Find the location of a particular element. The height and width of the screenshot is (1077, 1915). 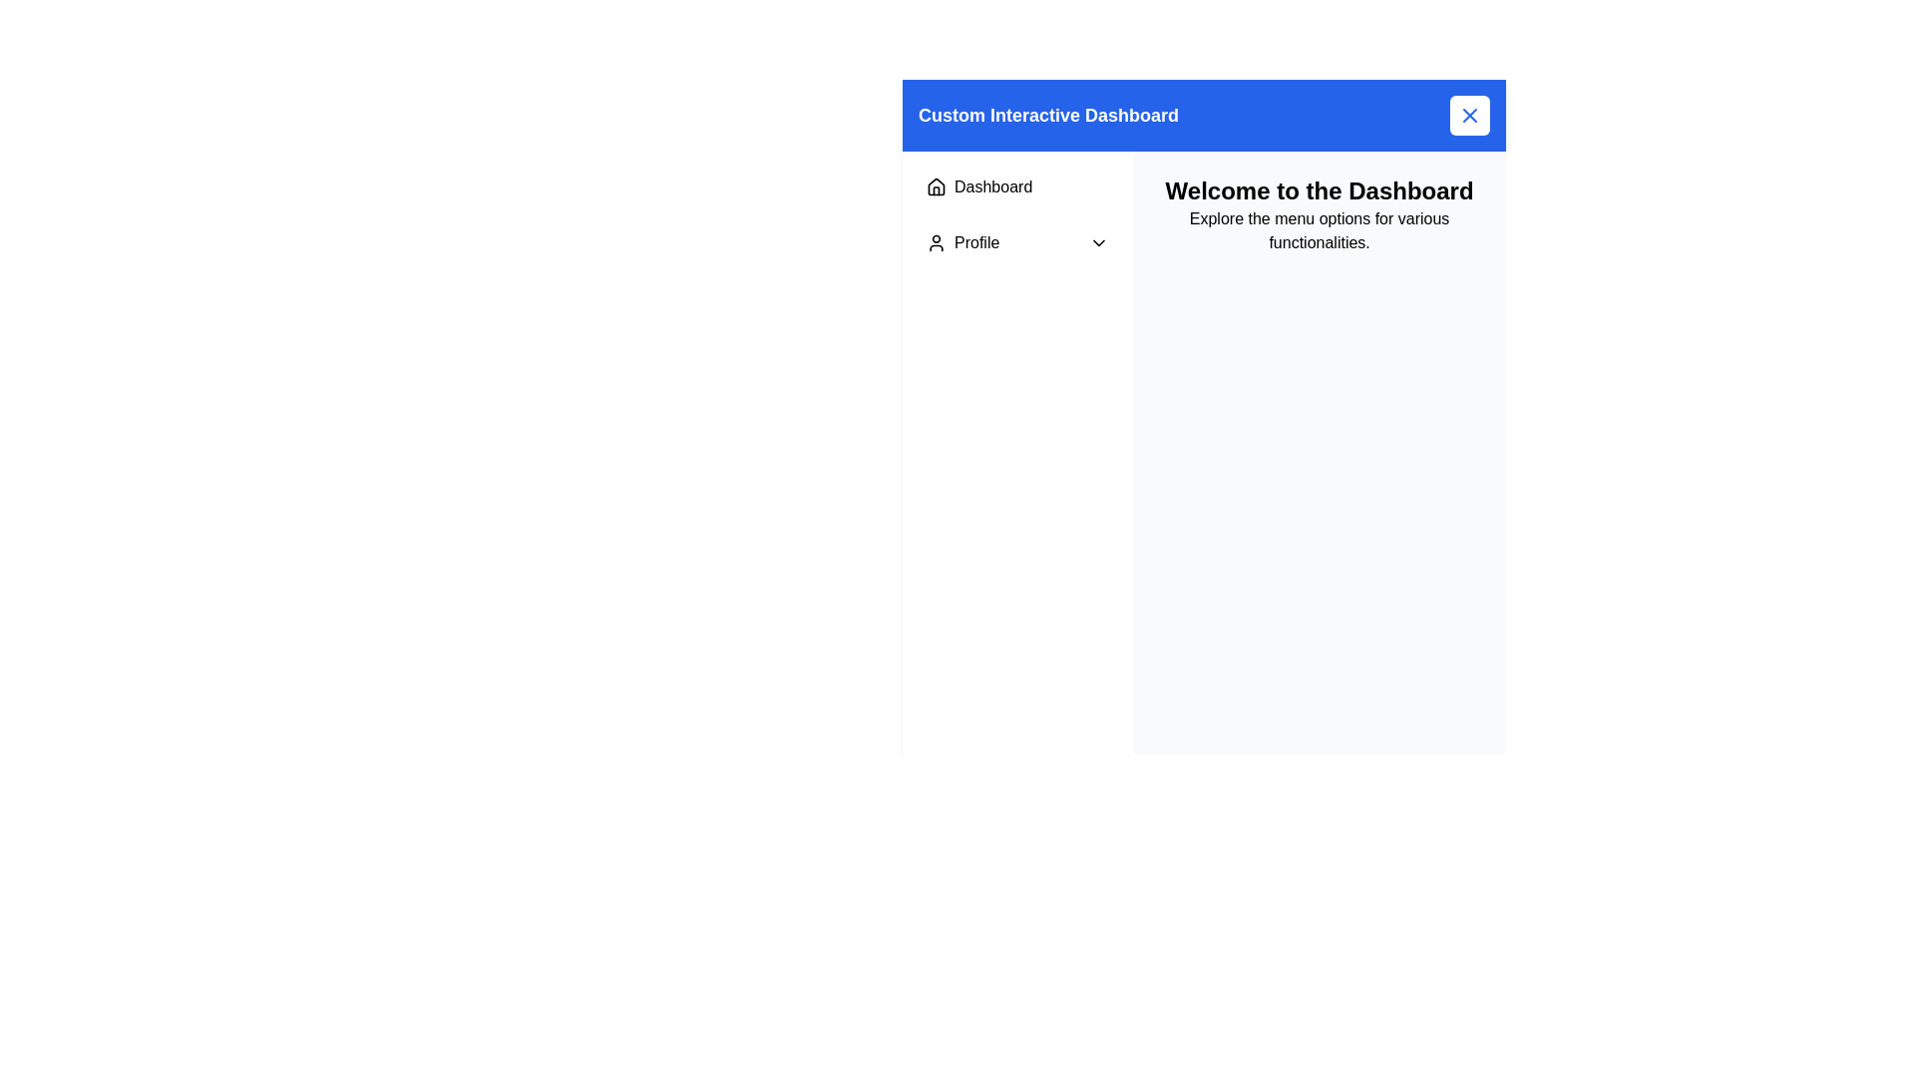

the first menu item in the vertical sidebar that likely navigates to the user's profile page, located below the 'Dashboard' entry and featuring a user icon to its left is located at coordinates (962, 241).